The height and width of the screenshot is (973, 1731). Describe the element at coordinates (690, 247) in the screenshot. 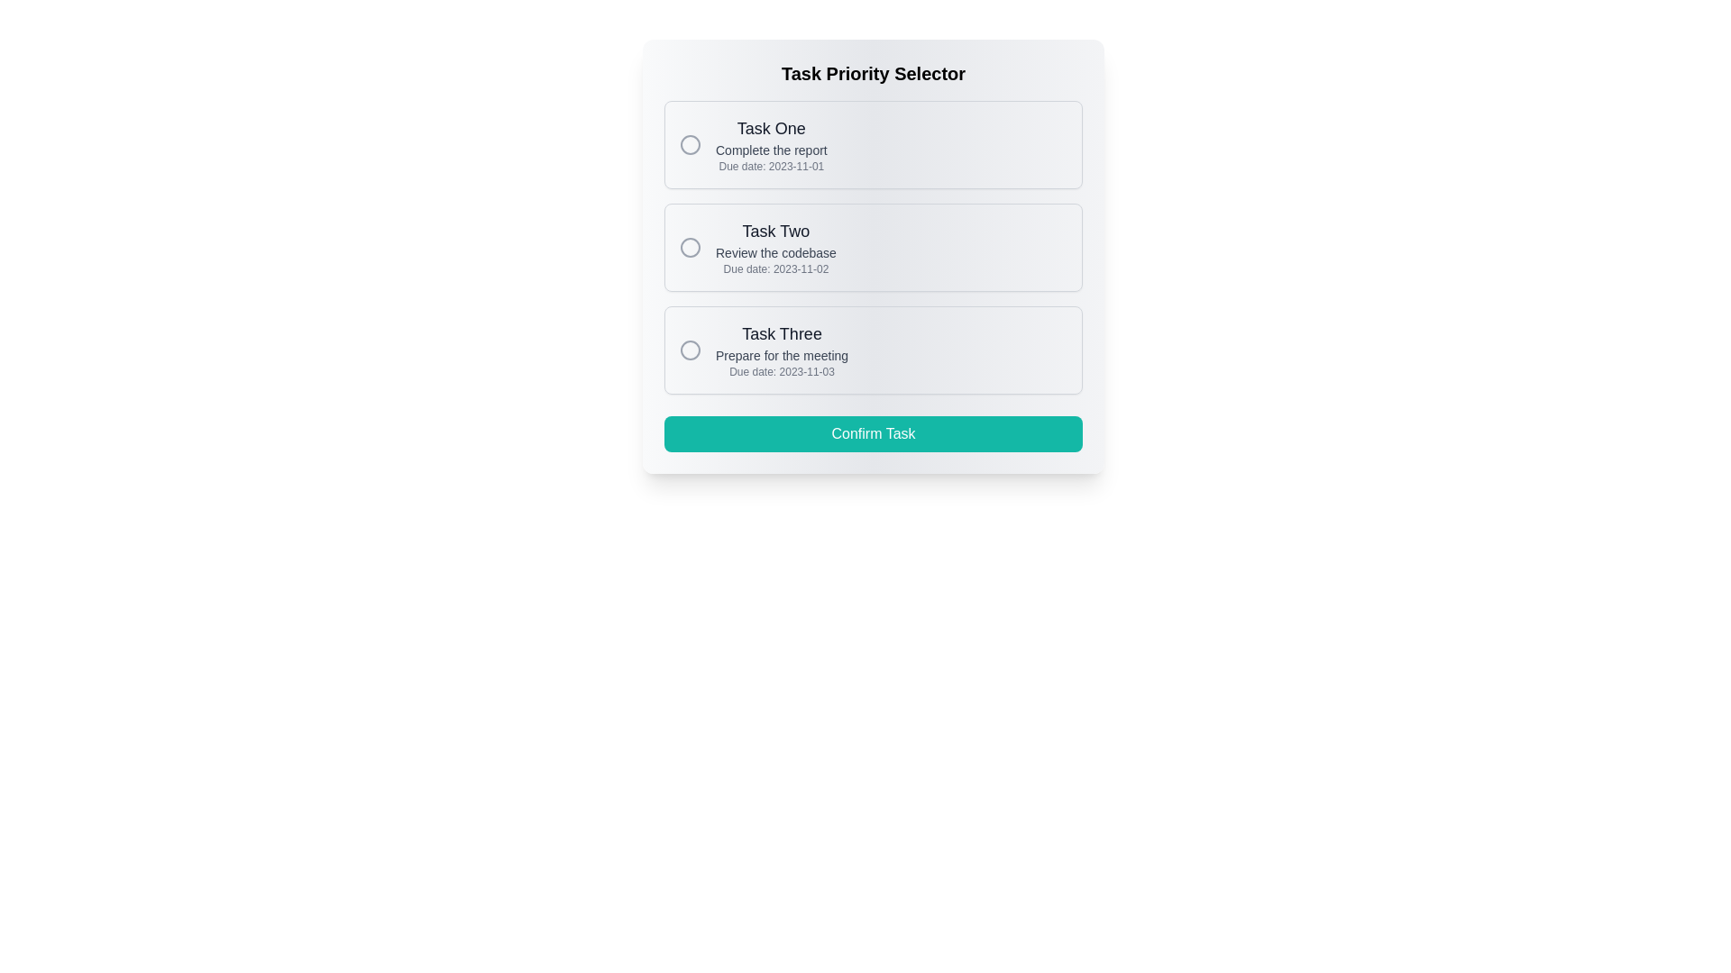

I see `the circular radio button located in the task card titled 'Task Two'` at that location.